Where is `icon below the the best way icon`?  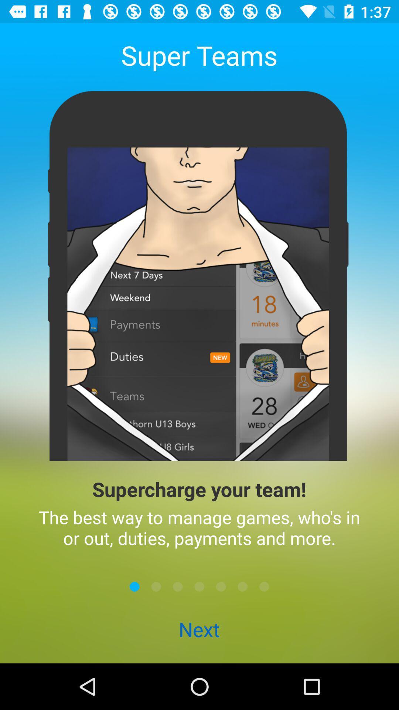
icon below the the best way icon is located at coordinates (134, 586).